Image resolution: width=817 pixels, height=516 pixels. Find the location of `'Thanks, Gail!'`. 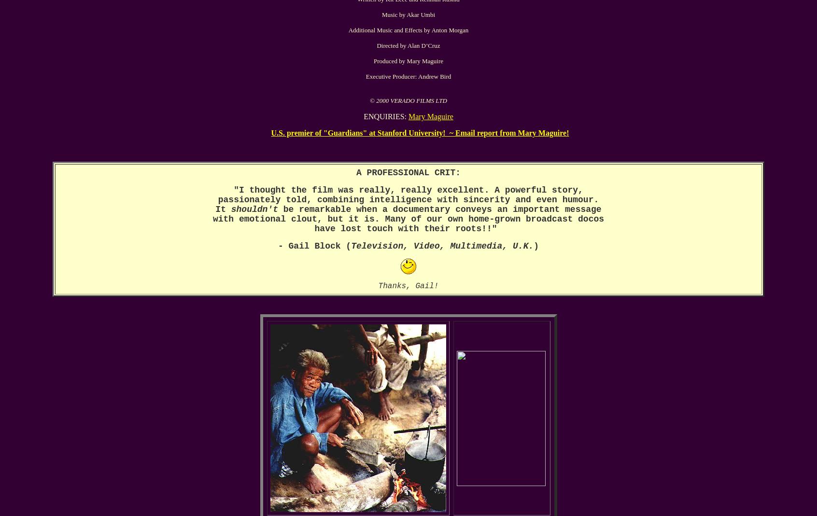

'Thanks, Gail!' is located at coordinates (408, 286).